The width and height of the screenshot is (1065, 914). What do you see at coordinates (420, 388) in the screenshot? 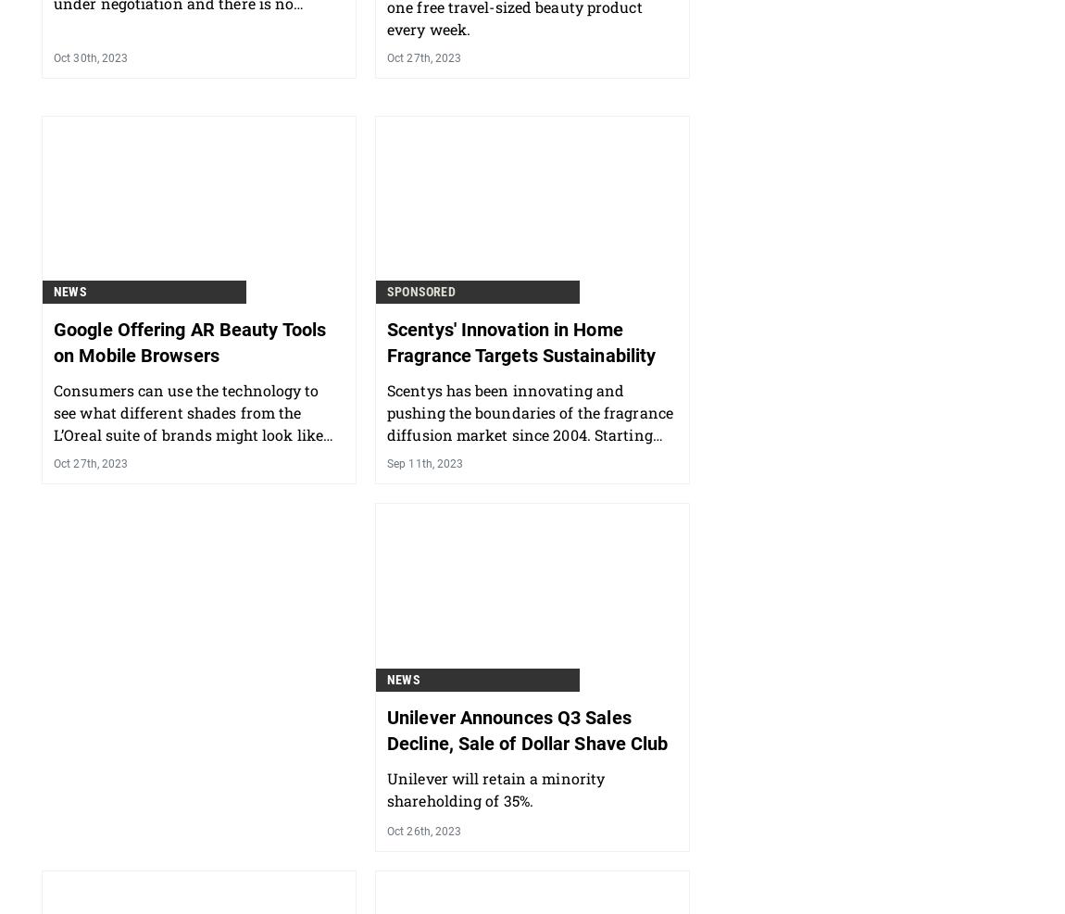
I see `'Sponsored'` at bounding box center [420, 388].